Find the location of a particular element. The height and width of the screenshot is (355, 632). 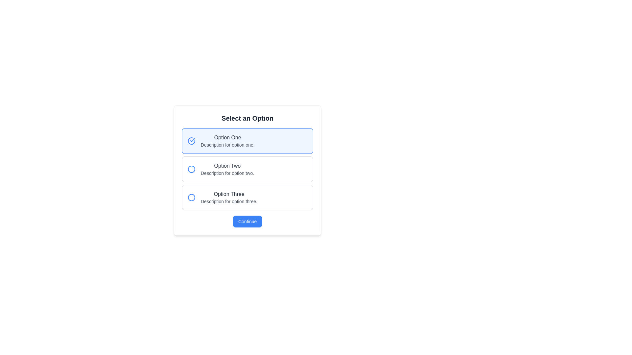

the second list item labeled 'Option Two' is located at coordinates (227, 169).